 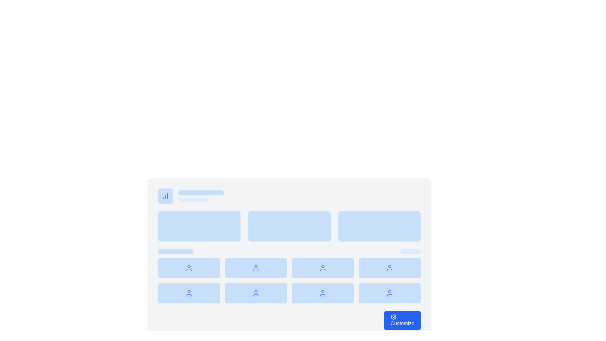 What do you see at coordinates (389, 268) in the screenshot?
I see `the user silhouette icon outlined in blue, located in the second column of the third row in the grid layout` at bounding box center [389, 268].